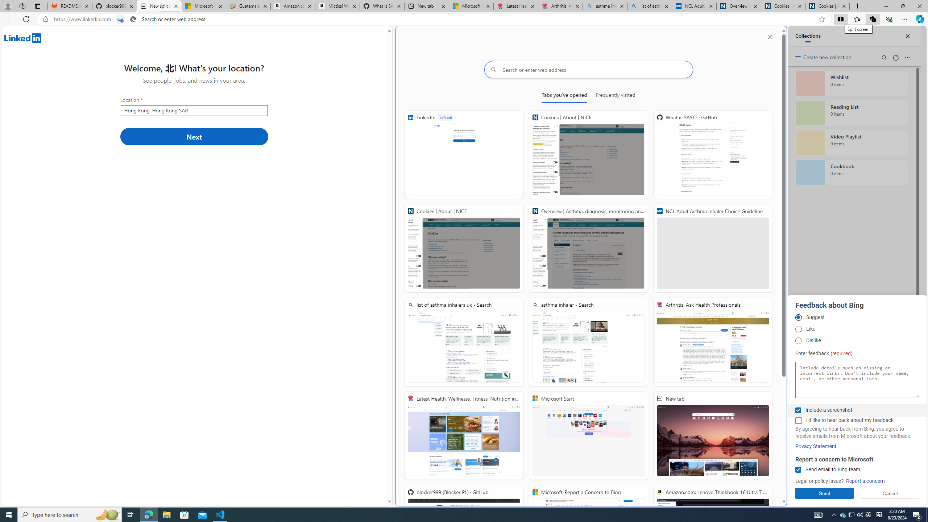  Describe the element at coordinates (824, 493) in the screenshot. I see `'Send'` at that location.